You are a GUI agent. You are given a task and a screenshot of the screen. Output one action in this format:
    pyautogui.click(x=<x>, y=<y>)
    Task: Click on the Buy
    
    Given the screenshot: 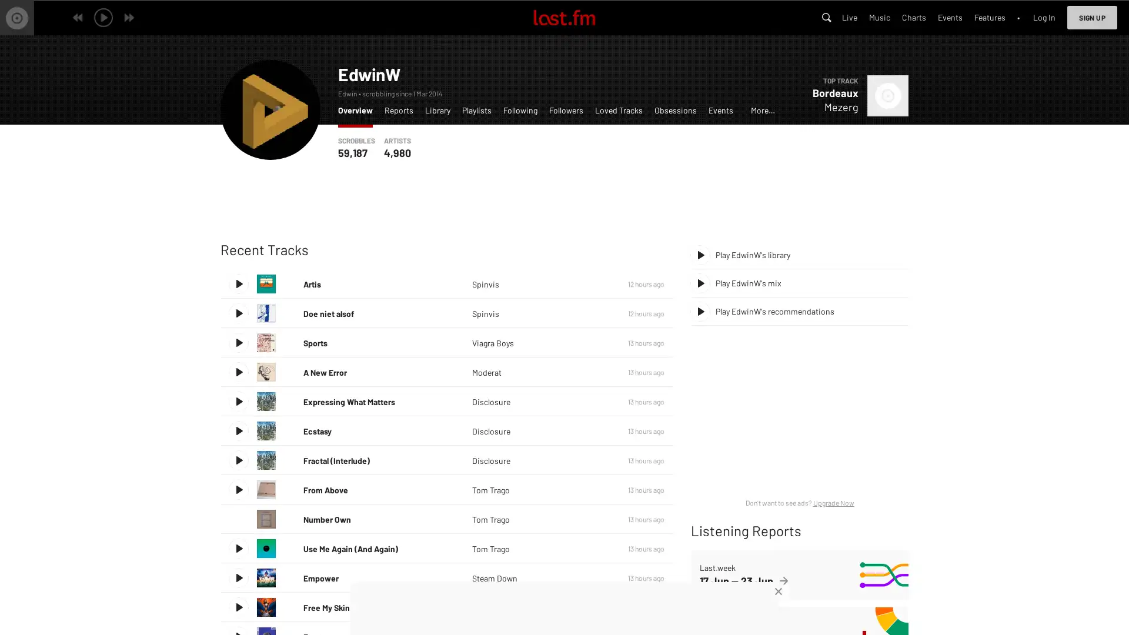 What is the action you would take?
    pyautogui.click(x=593, y=400)
    